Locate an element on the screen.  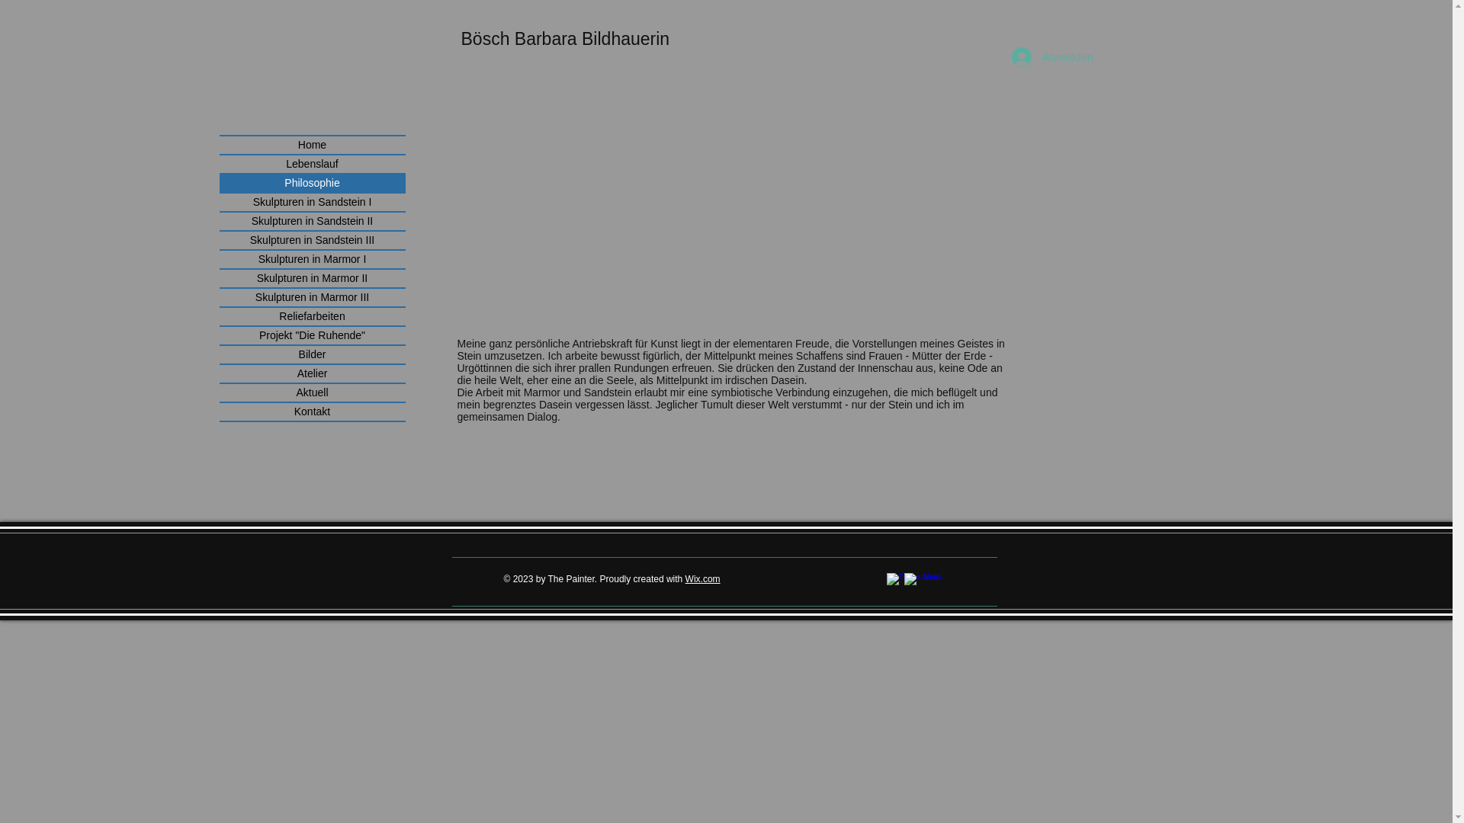
'Skulpturen in Sandstein III' is located at coordinates (311, 240).